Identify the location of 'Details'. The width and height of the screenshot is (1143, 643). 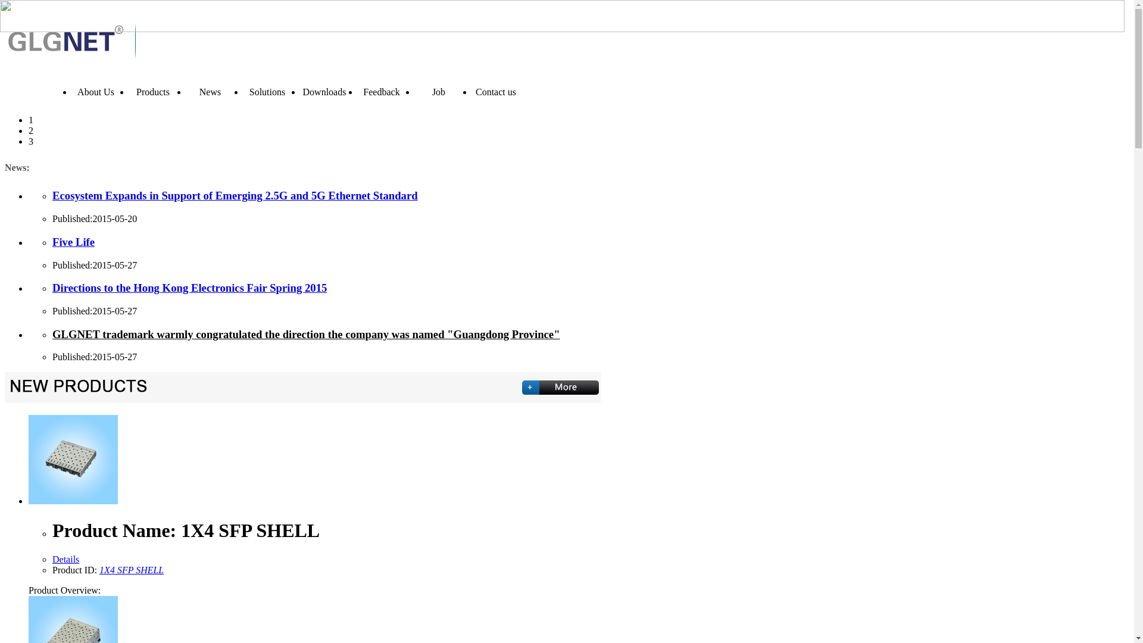
(65, 559).